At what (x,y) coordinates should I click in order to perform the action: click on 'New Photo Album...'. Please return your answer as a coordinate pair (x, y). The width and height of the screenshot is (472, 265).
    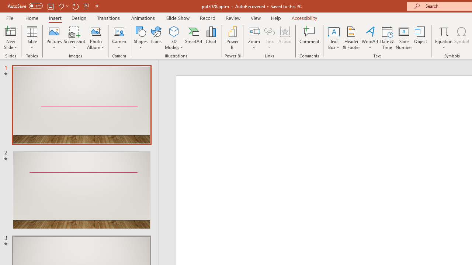
    Looking at the image, I should click on (95, 31).